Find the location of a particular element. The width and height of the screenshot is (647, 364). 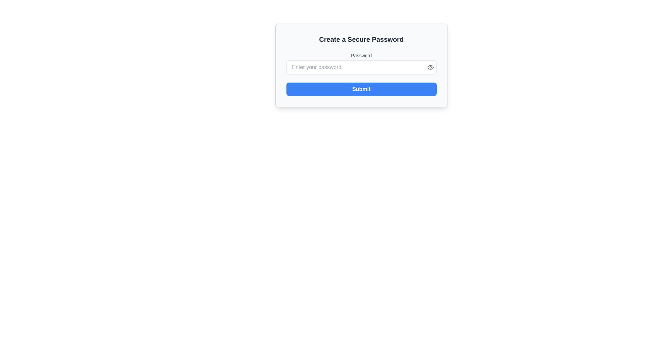

the 'Submit' button with a bold white font on a vibrant blue background is located at coordinates (361, 89).